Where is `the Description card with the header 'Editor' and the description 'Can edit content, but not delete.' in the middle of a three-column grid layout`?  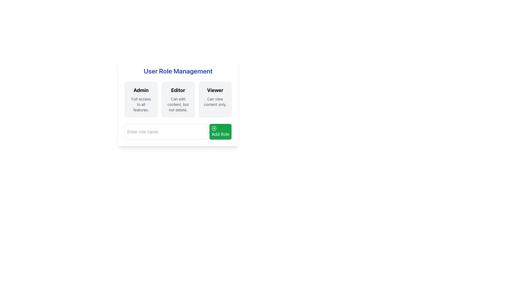 the Description card with the header 'Editor' and the description 'Can edit content, but not delete.' in the middle of a three-column grid layout is located at coordinates (178, 100).